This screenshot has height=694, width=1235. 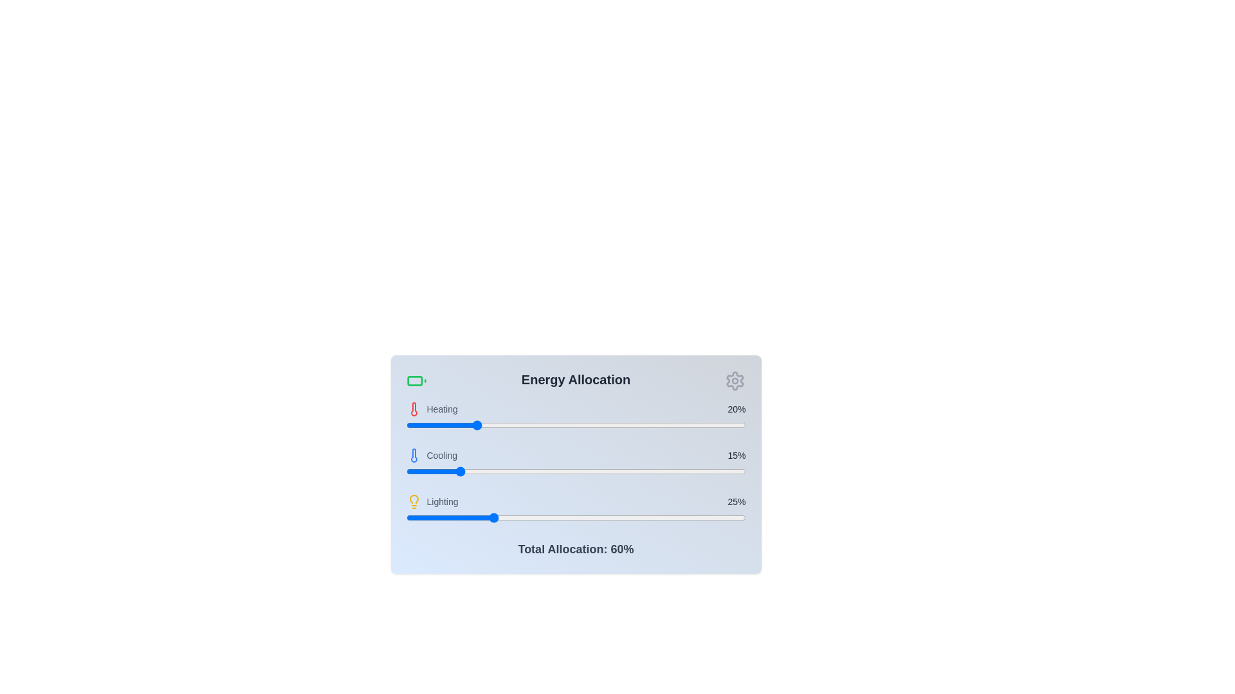 I want to click on the heating allocation slider to 53%, so click(x=585, y=425).